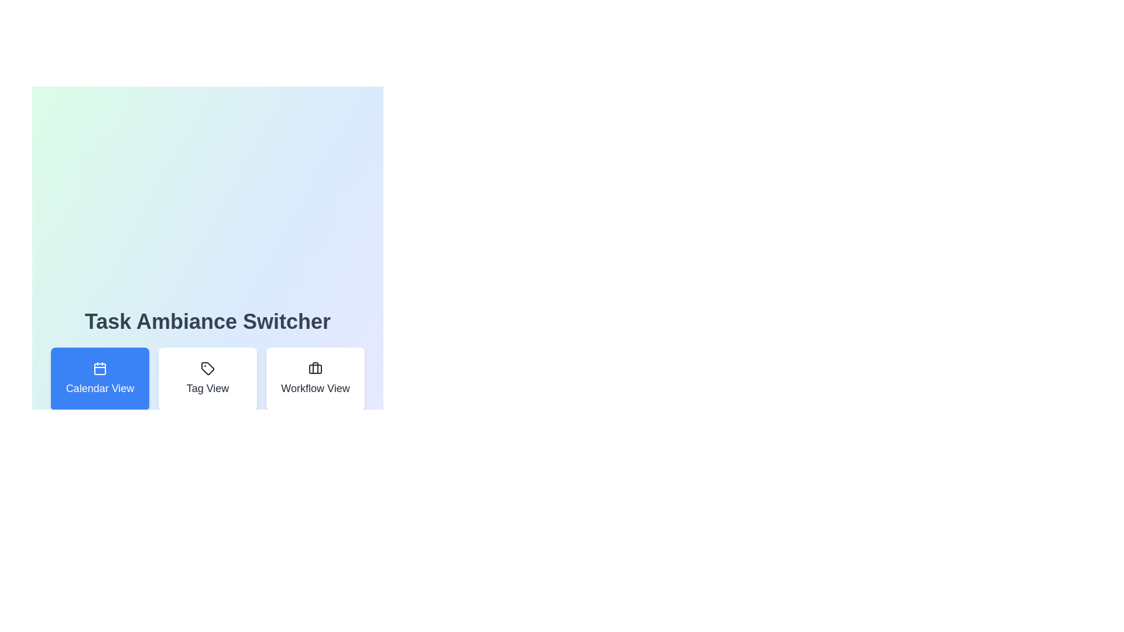  What do you see at coordinates (208, 388) in the screenshot?
I see `the 'Tag View' text label located within the second button of a row of three buttons, centrally positioned below the 'Task Ambiance Switcher' heading` at bounding box center [208, 388].